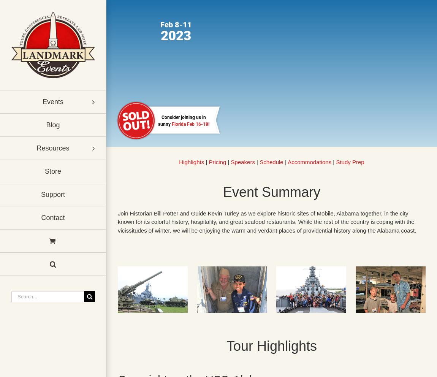 Image resolution: width=437 pixels, height=377 pixels. What do you see at coordinates (176, 24) in the screenshot?
I see `'Feb 8-11'` at bounding box center [176, 24].